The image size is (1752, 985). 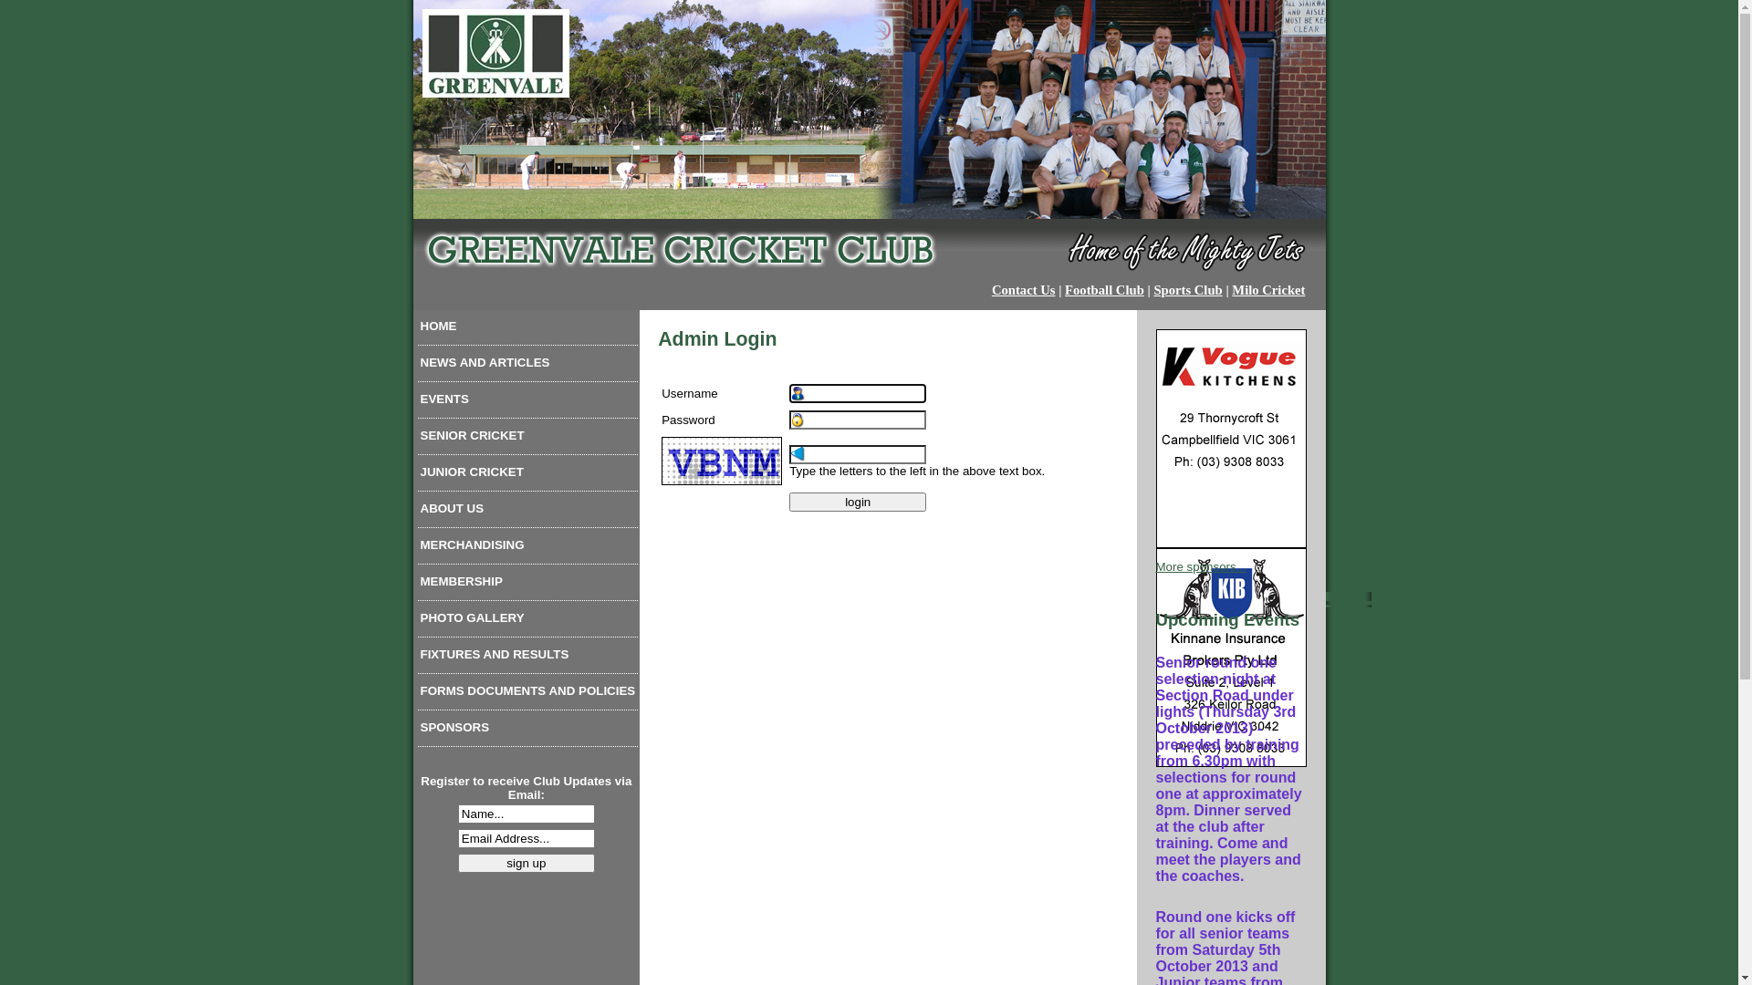 I want to click on 'Football Club', so click(x=1103, y=288).